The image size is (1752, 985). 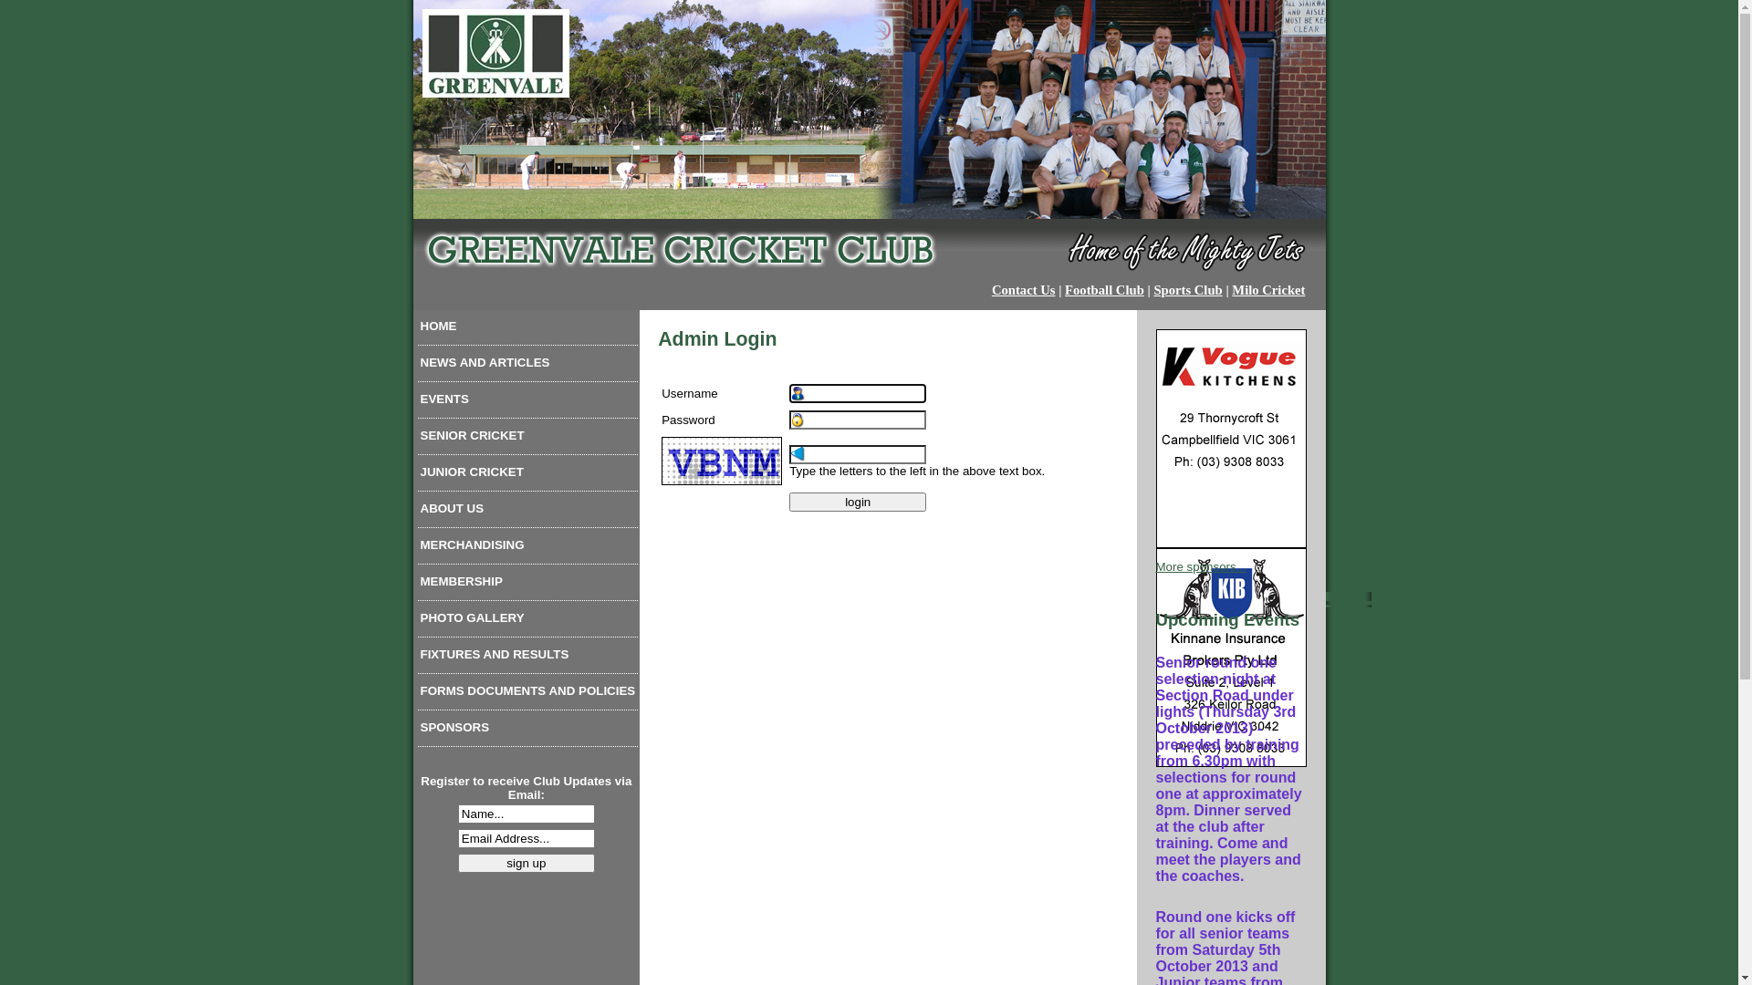 I want to click on 'Football Club', so click(x=1103, y=288).